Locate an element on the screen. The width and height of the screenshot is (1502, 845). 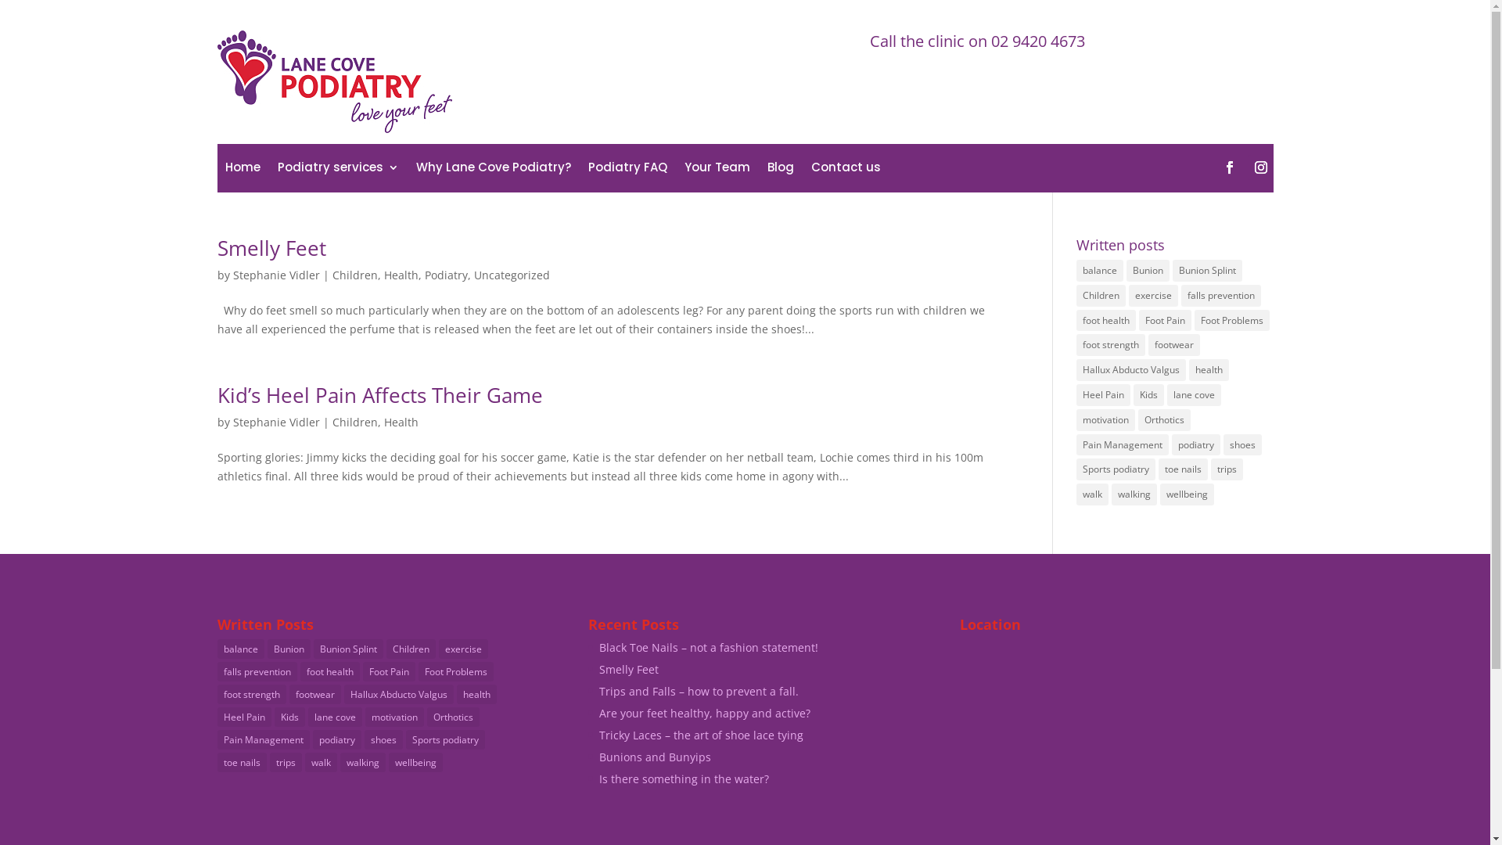
'falls prevention' is located at coordinates (257, 671).